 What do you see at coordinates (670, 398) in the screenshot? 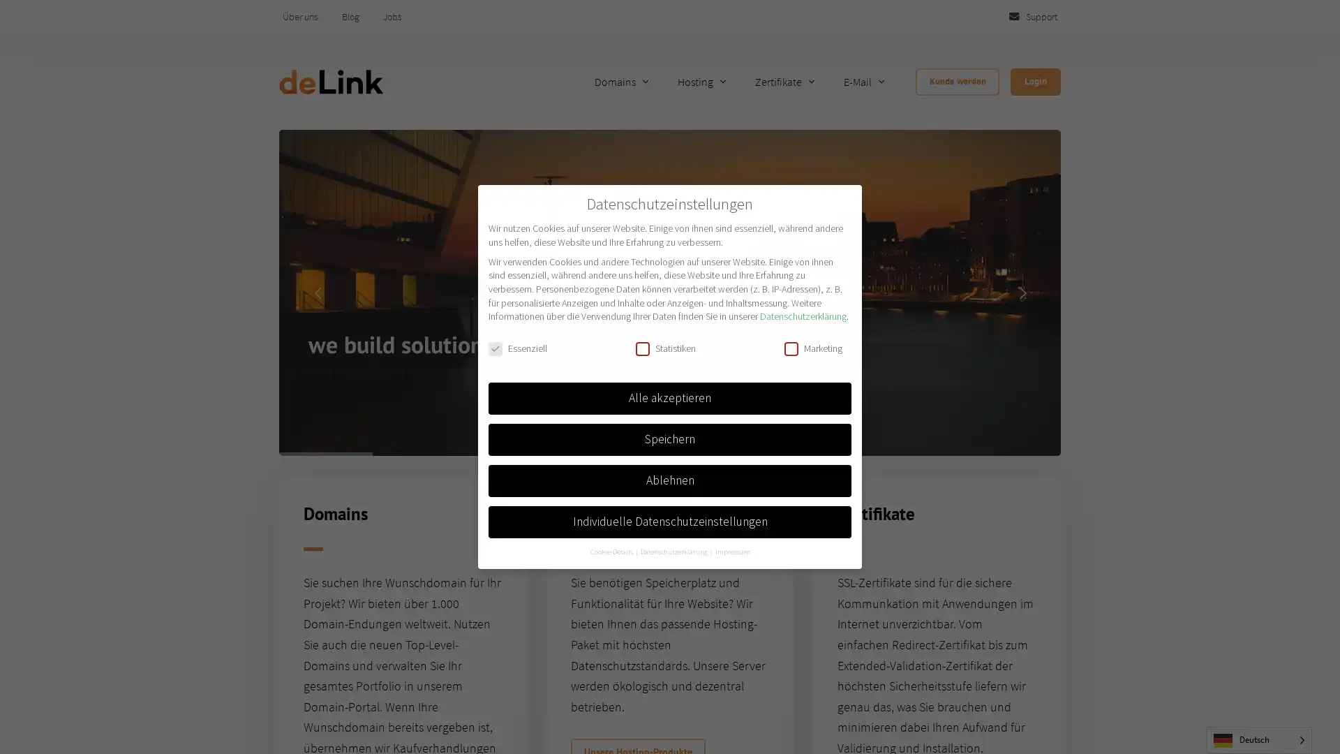
I see `Alle akzeptieren` at bounding box center [670, 398].